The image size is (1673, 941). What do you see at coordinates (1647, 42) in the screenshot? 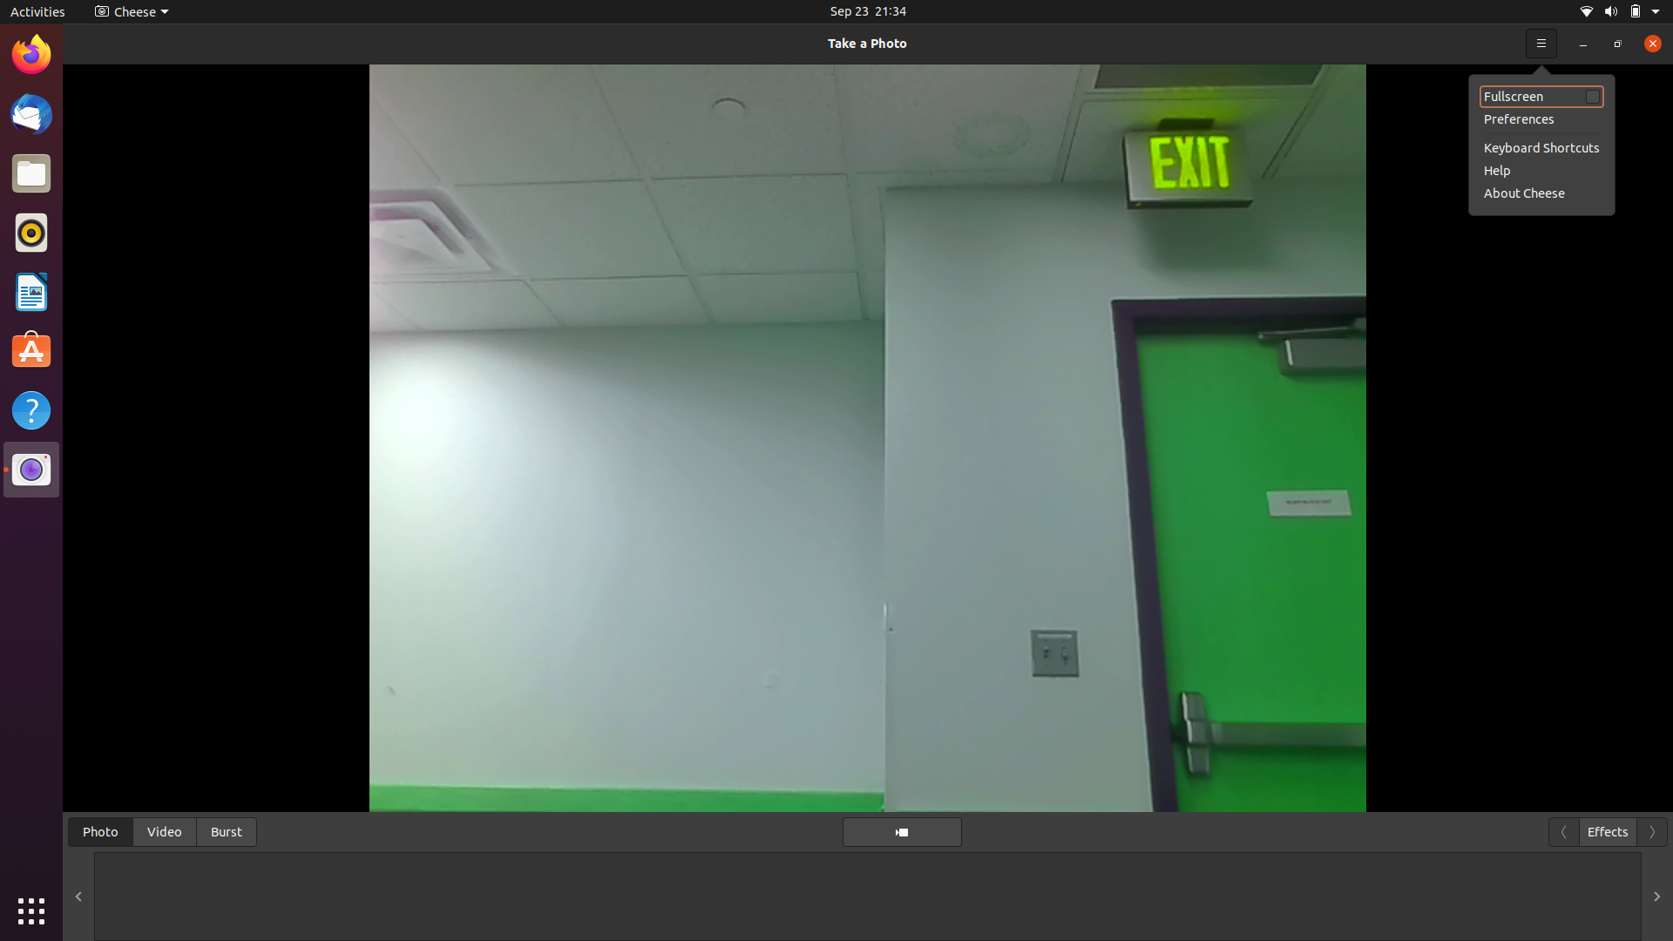
I see `Cheese details on screen` at bounding box center [1647, 42].